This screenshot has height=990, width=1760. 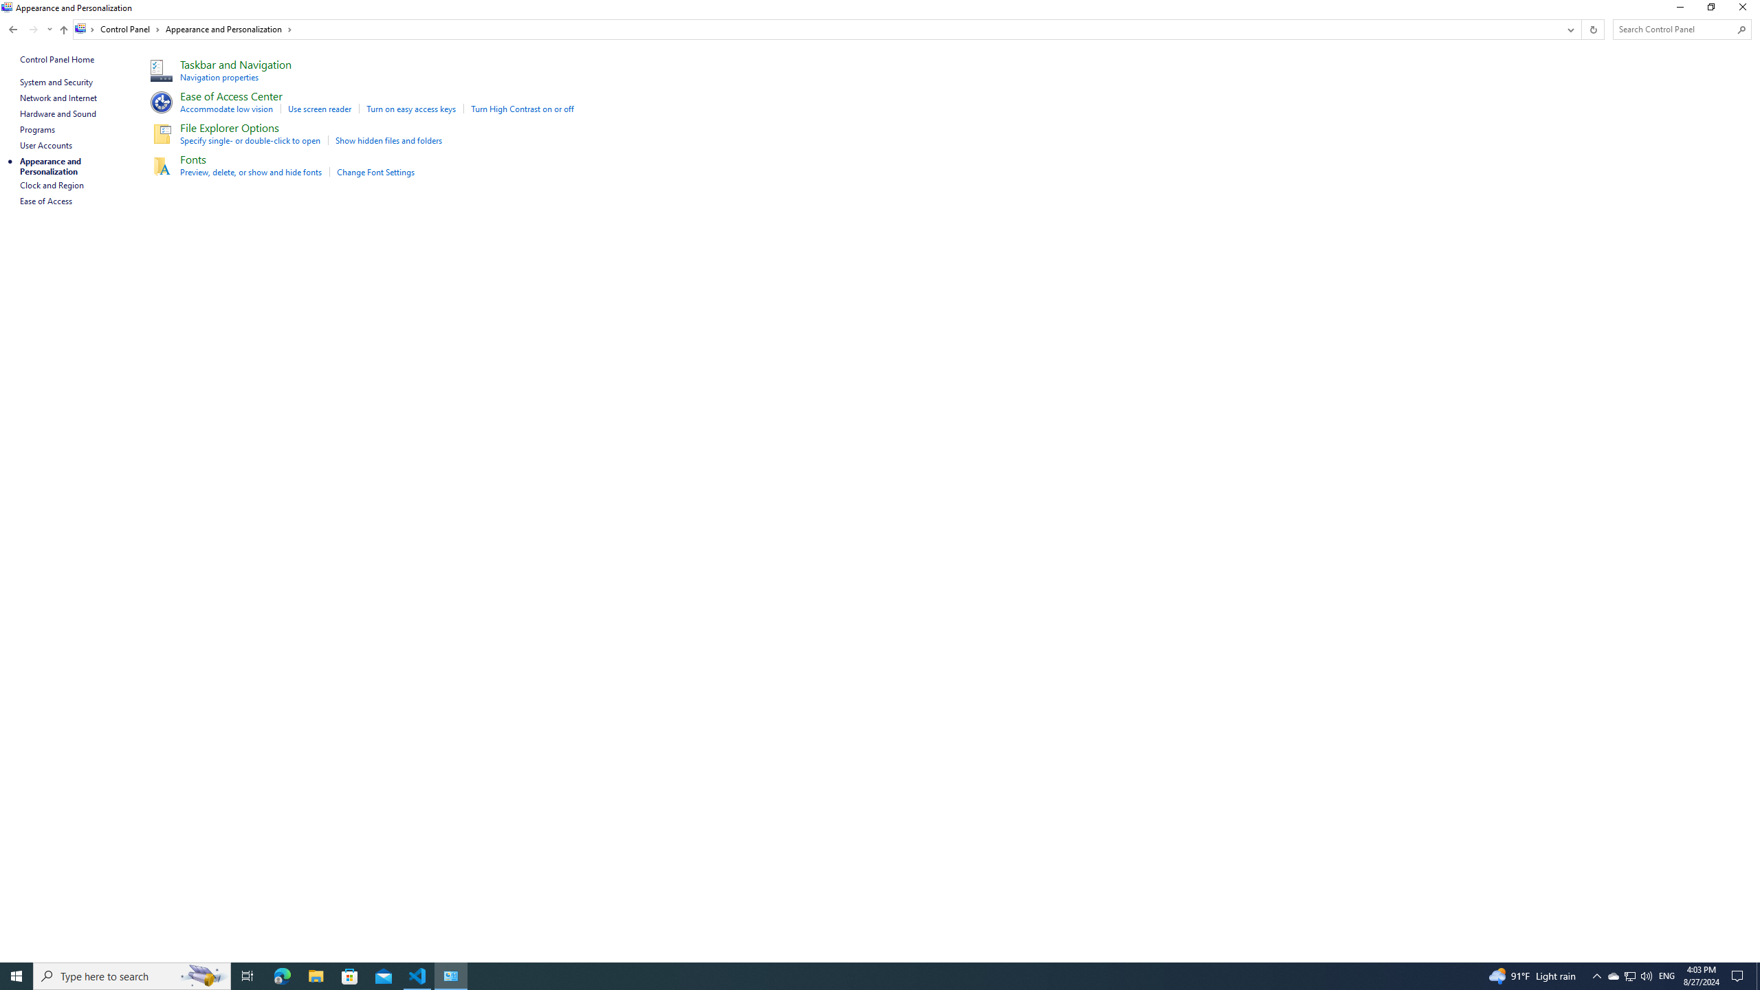 What do you see at coordinates (522, 108) in the screenshot?
I see `'Turn High Contrast on or off'` at bounding box center [522, 108].